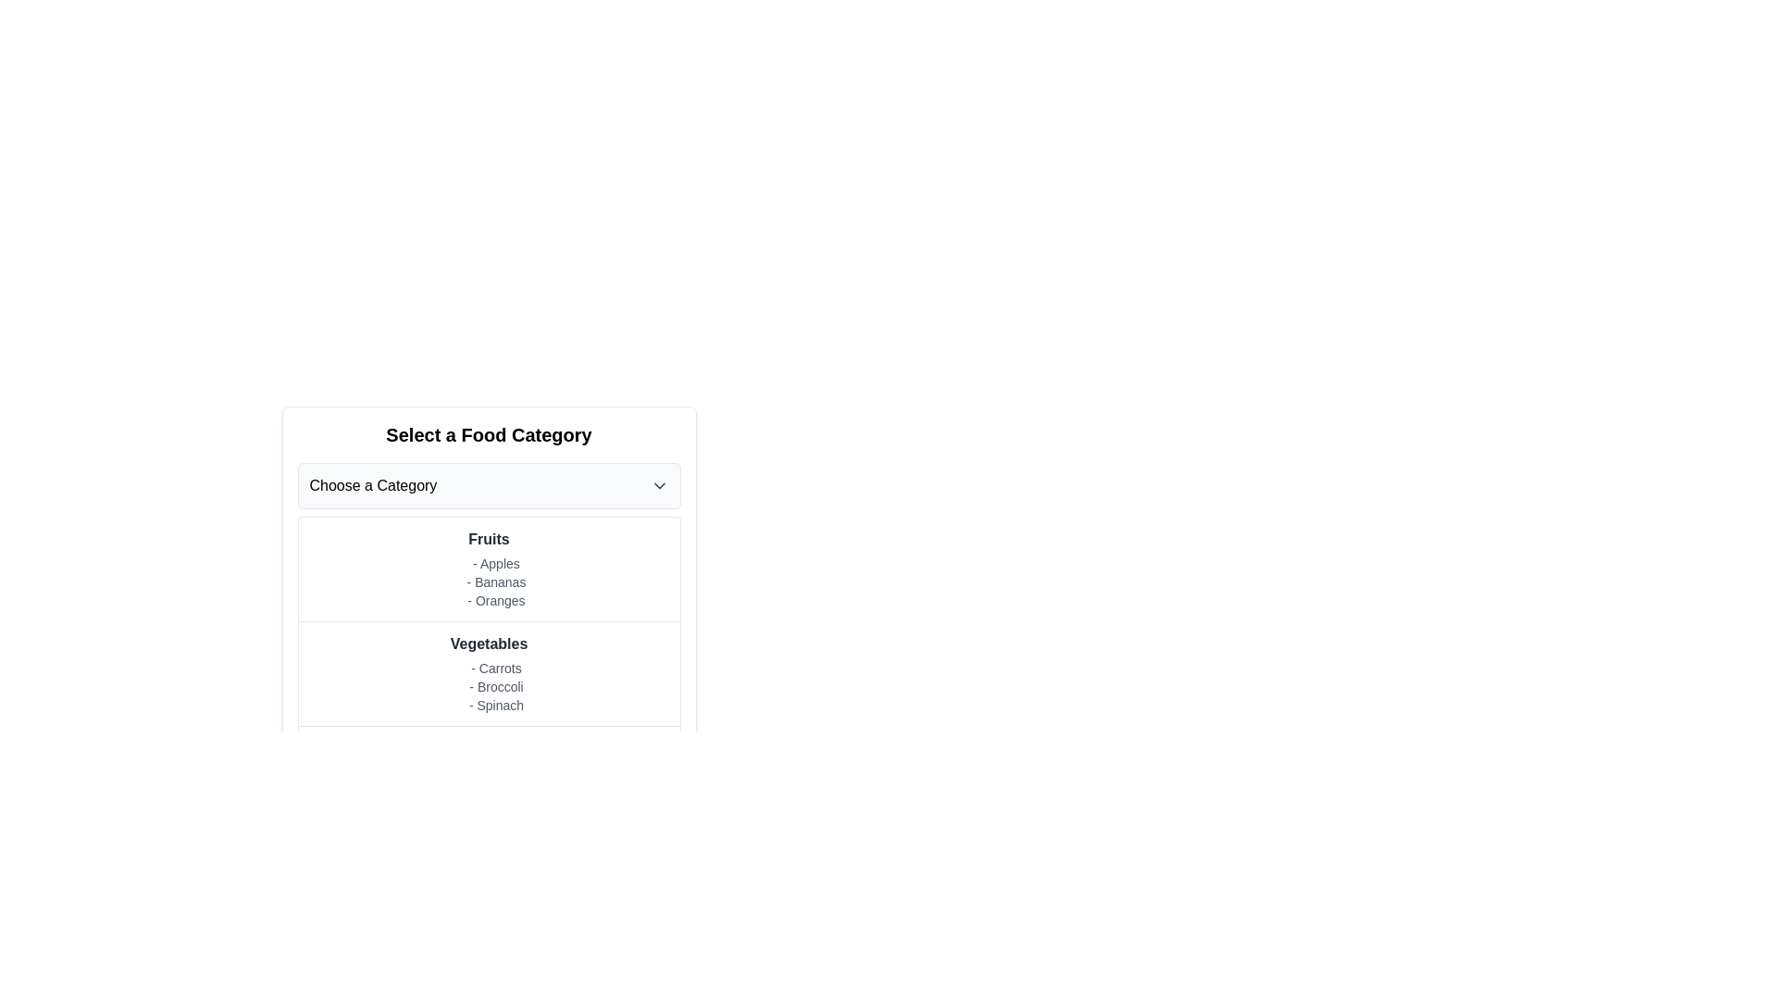 The width and height of the screenshot is (1777, 1000). Describe the element at coordinates (496, 600) in the screenshot. I see `the non-interactive text label displaying 'Oranges', which is the third item under the 'Fruits' category in the list` at that location.